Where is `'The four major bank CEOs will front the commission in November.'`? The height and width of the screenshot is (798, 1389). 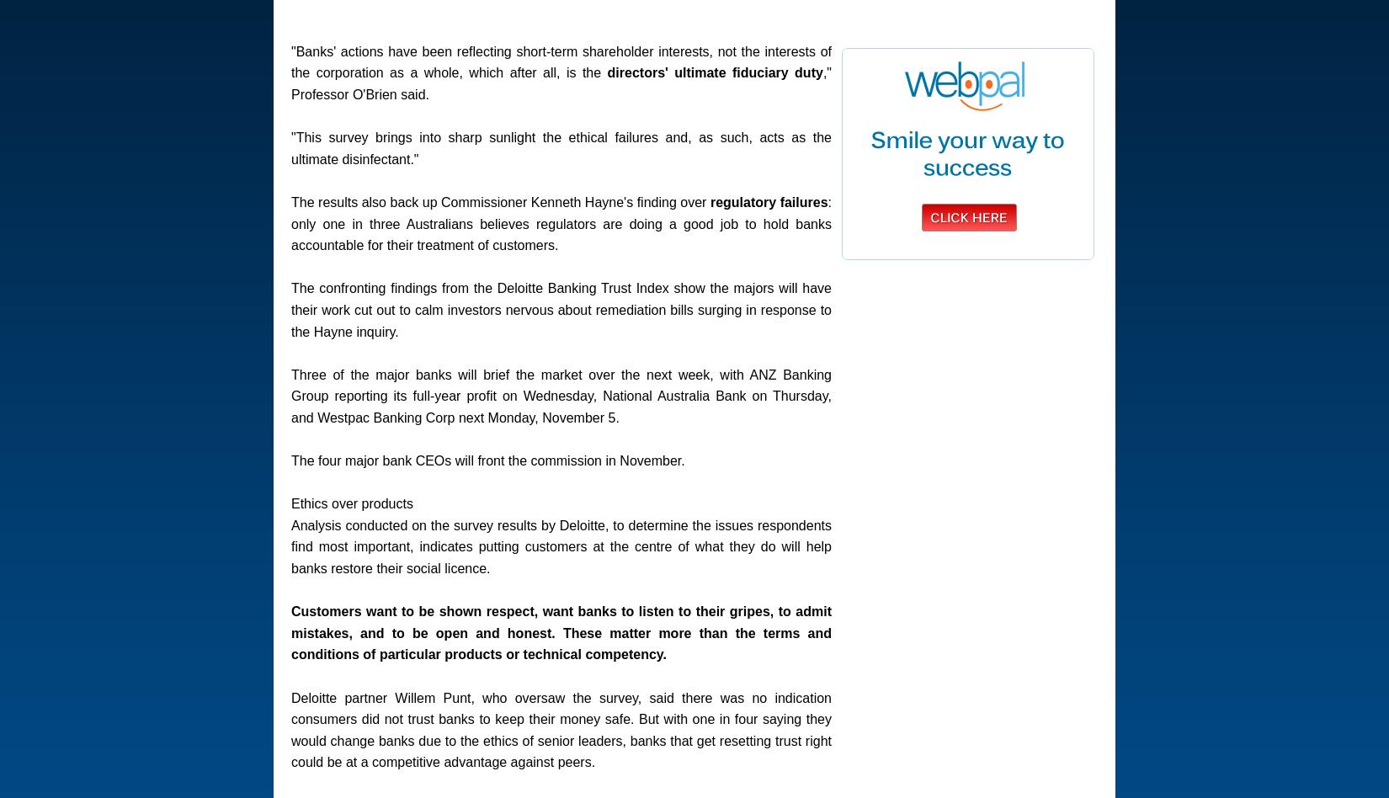
'The four major bank CEOs will front the commission in November.' is located at coordinates (487, 460).